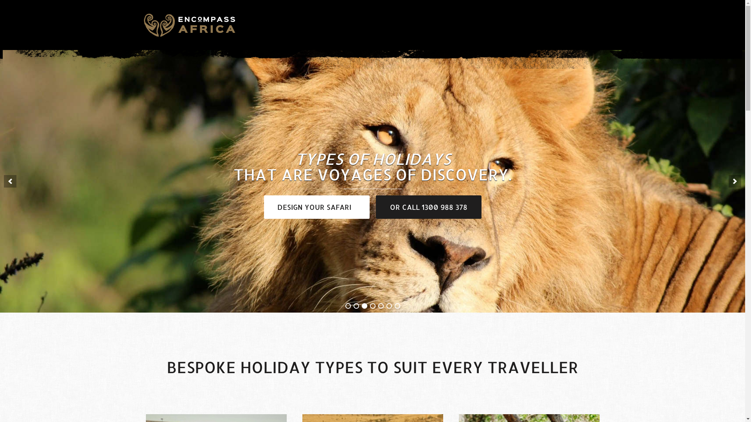 The height and width of the screenshot is (422, 751). What do you see at coordinates (316, 206) in the screenshot?
I see `'DESIGN YOUR SAFARI'` at bounding box center [316, 206].